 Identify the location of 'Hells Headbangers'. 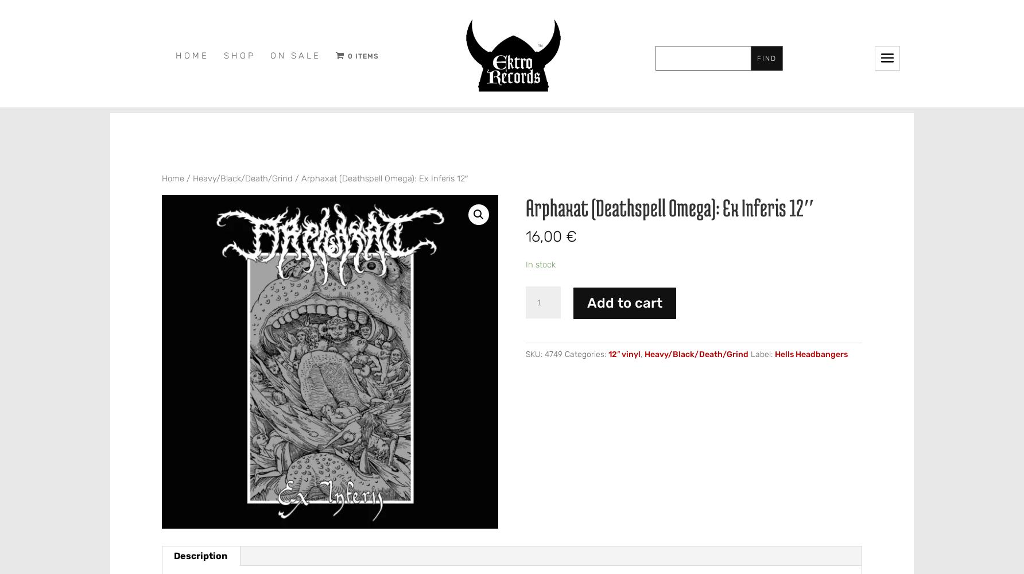
(811, 354).